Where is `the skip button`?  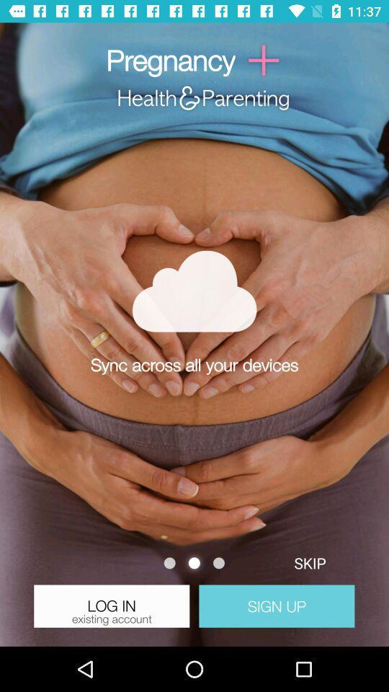
the skip button is located at coordinates (309, 563).